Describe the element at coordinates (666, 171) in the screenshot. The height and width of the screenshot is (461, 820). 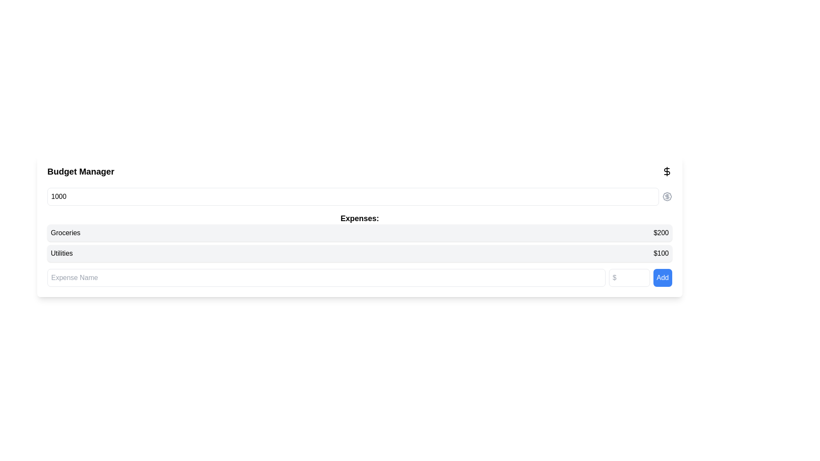
I see `the dollar sign icon representing monetary aspects within the 'Budget Manager' interface` at that location.